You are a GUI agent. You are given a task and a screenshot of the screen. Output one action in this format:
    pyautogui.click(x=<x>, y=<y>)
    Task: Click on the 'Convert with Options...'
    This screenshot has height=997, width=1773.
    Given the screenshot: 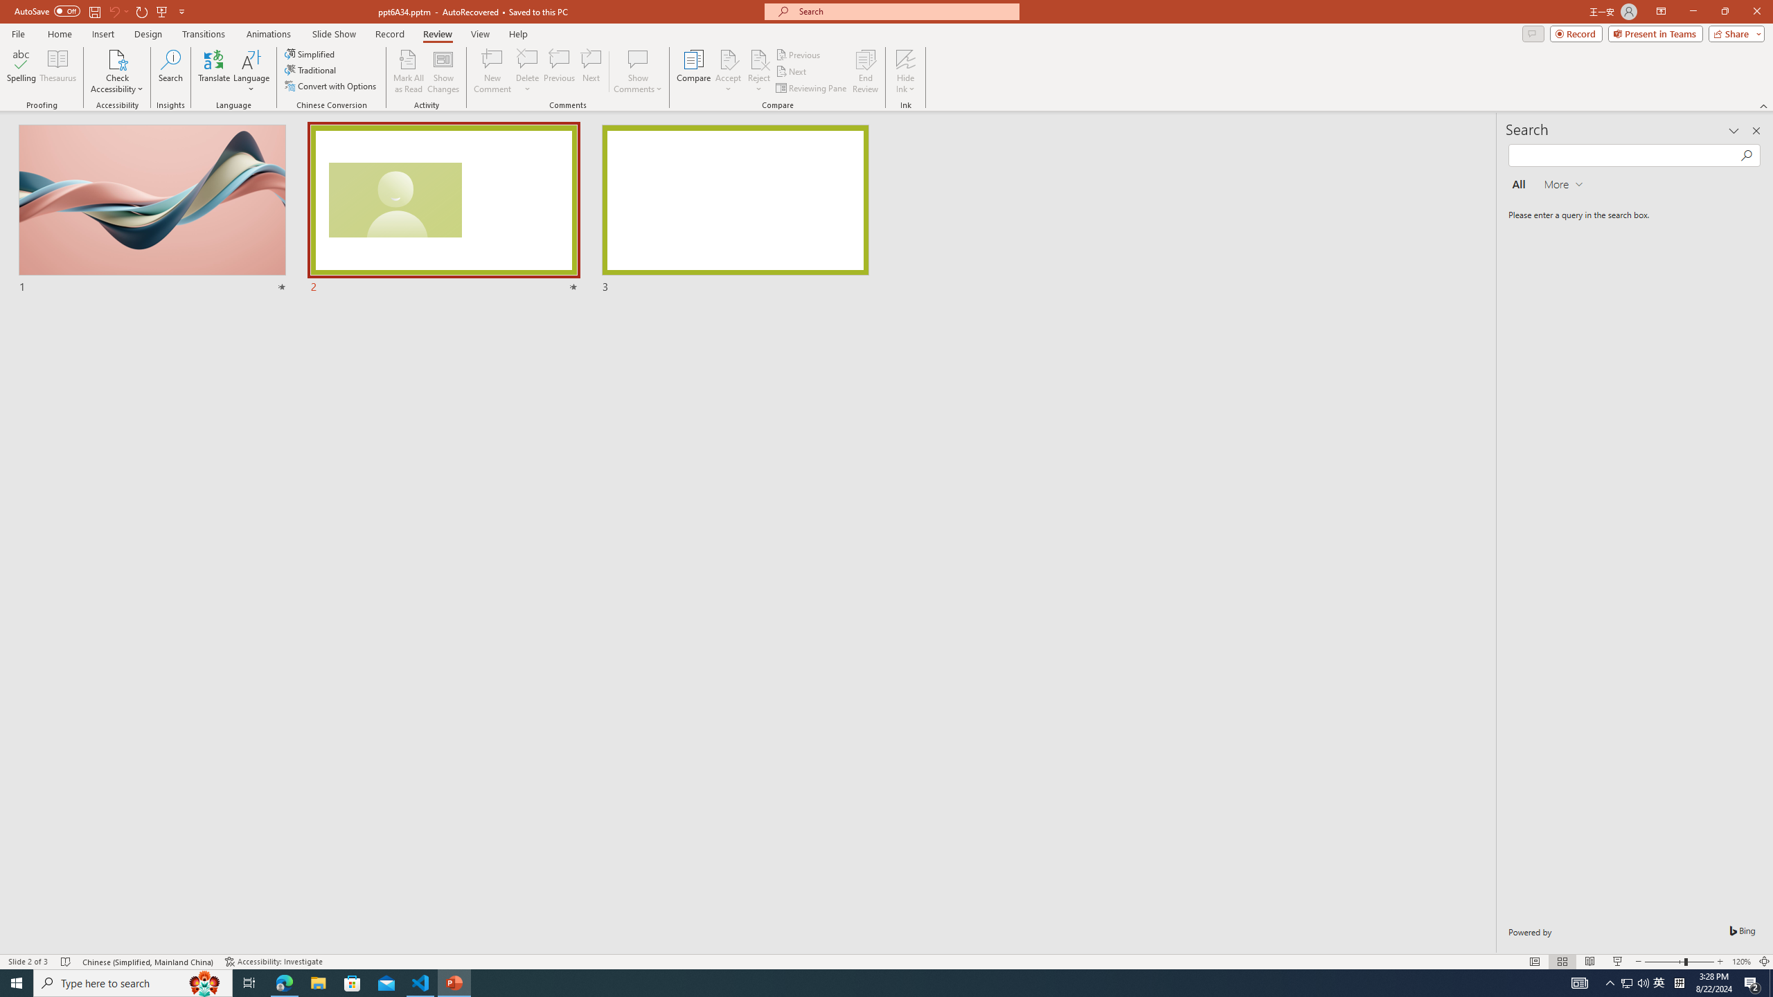 What is the action you would take?
    pyautogui.click(x=330, y=84)
    